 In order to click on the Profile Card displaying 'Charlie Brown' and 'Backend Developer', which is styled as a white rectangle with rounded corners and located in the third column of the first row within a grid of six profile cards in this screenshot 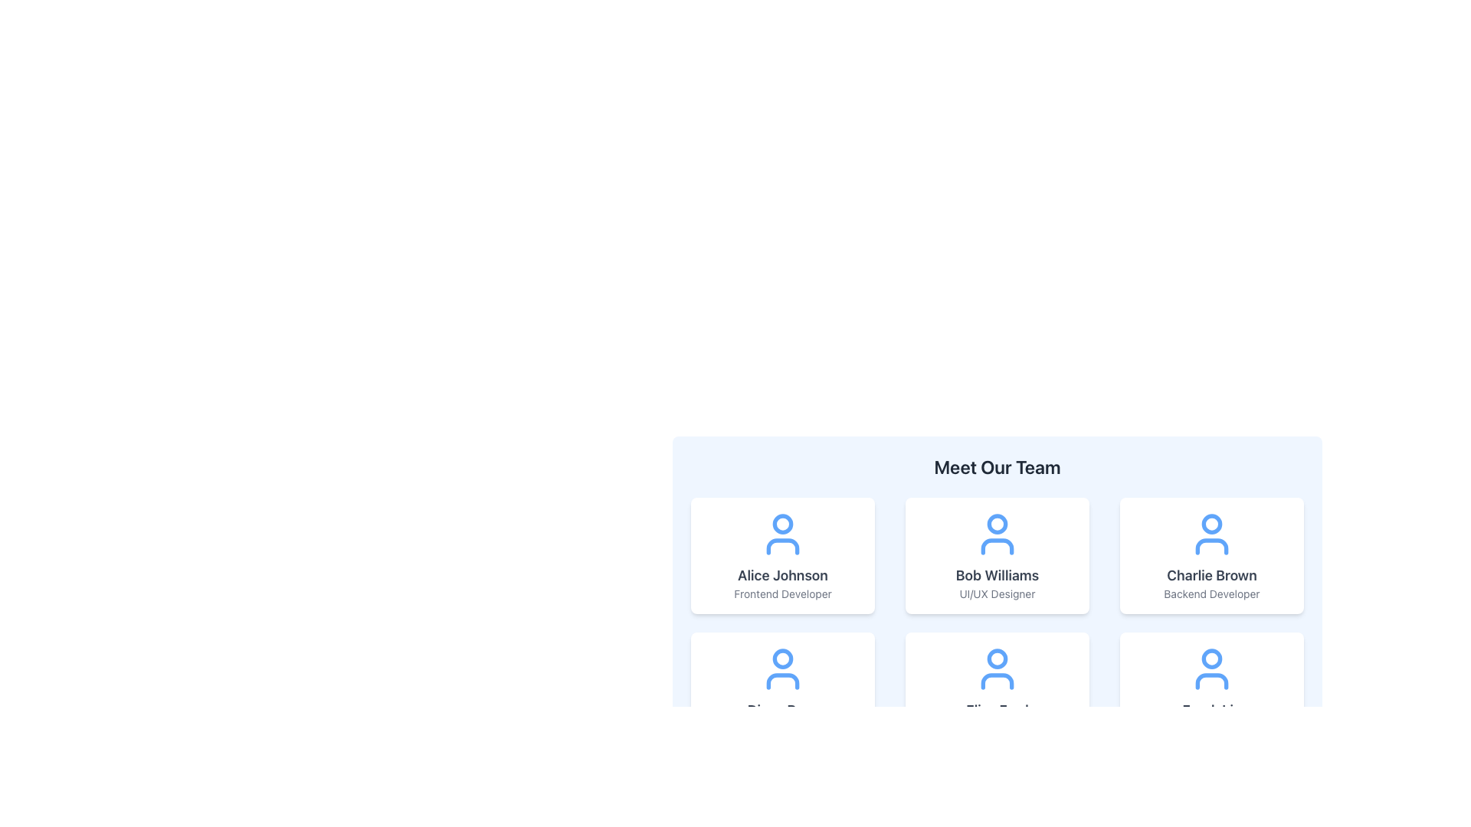, I will do `click(1211, 555)`.